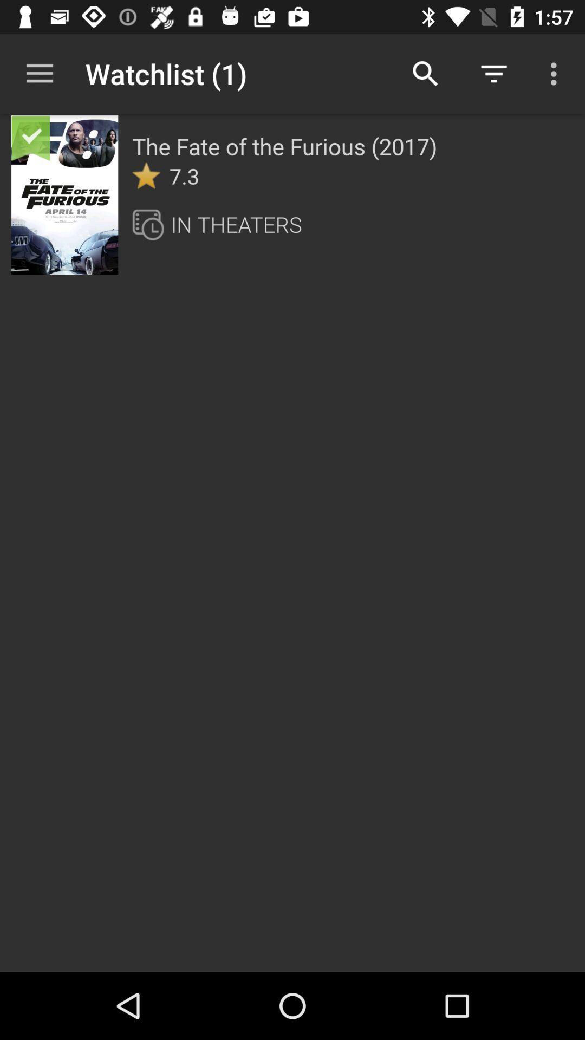 This screenshot has height=1040, width=585. What do you see at coordinates (425, 73) in the screenshot?
I see `the item above the the fate of item` at bounding box center [425, 73].